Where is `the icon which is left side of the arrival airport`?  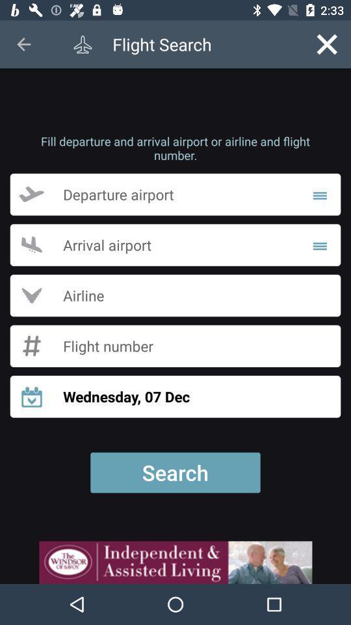
the icon which is left side of the arrival airport is located at coordinates (31, 244).